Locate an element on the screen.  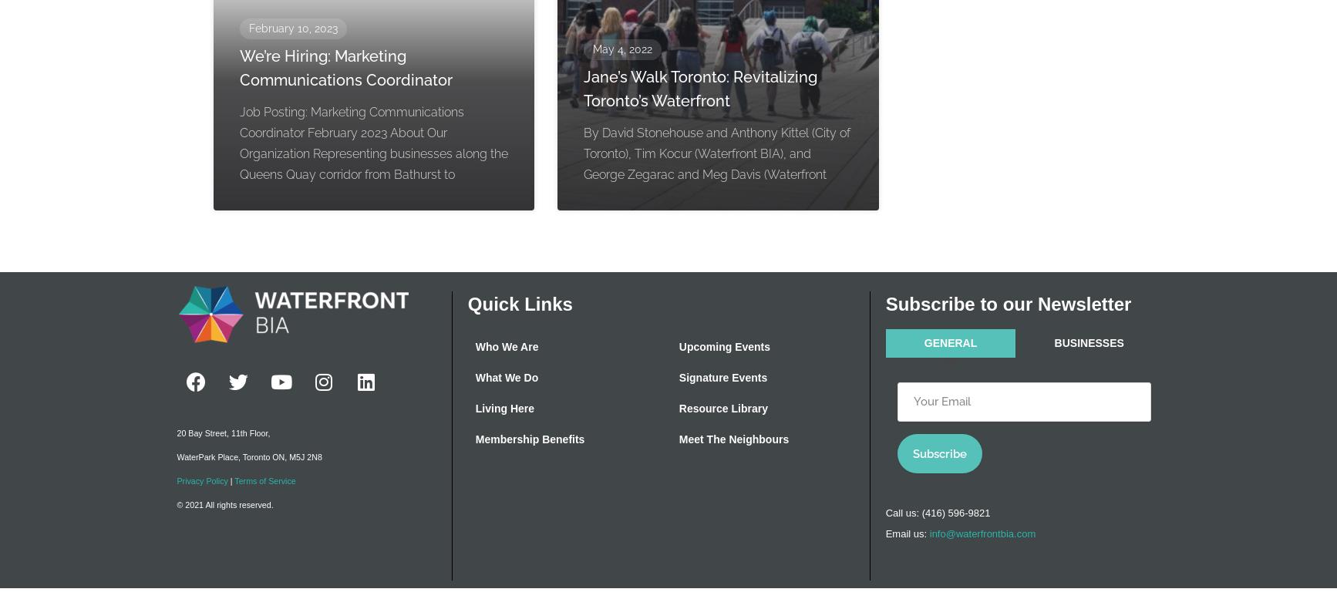
'Privacy Policy' is located at coordinates (203, 480).